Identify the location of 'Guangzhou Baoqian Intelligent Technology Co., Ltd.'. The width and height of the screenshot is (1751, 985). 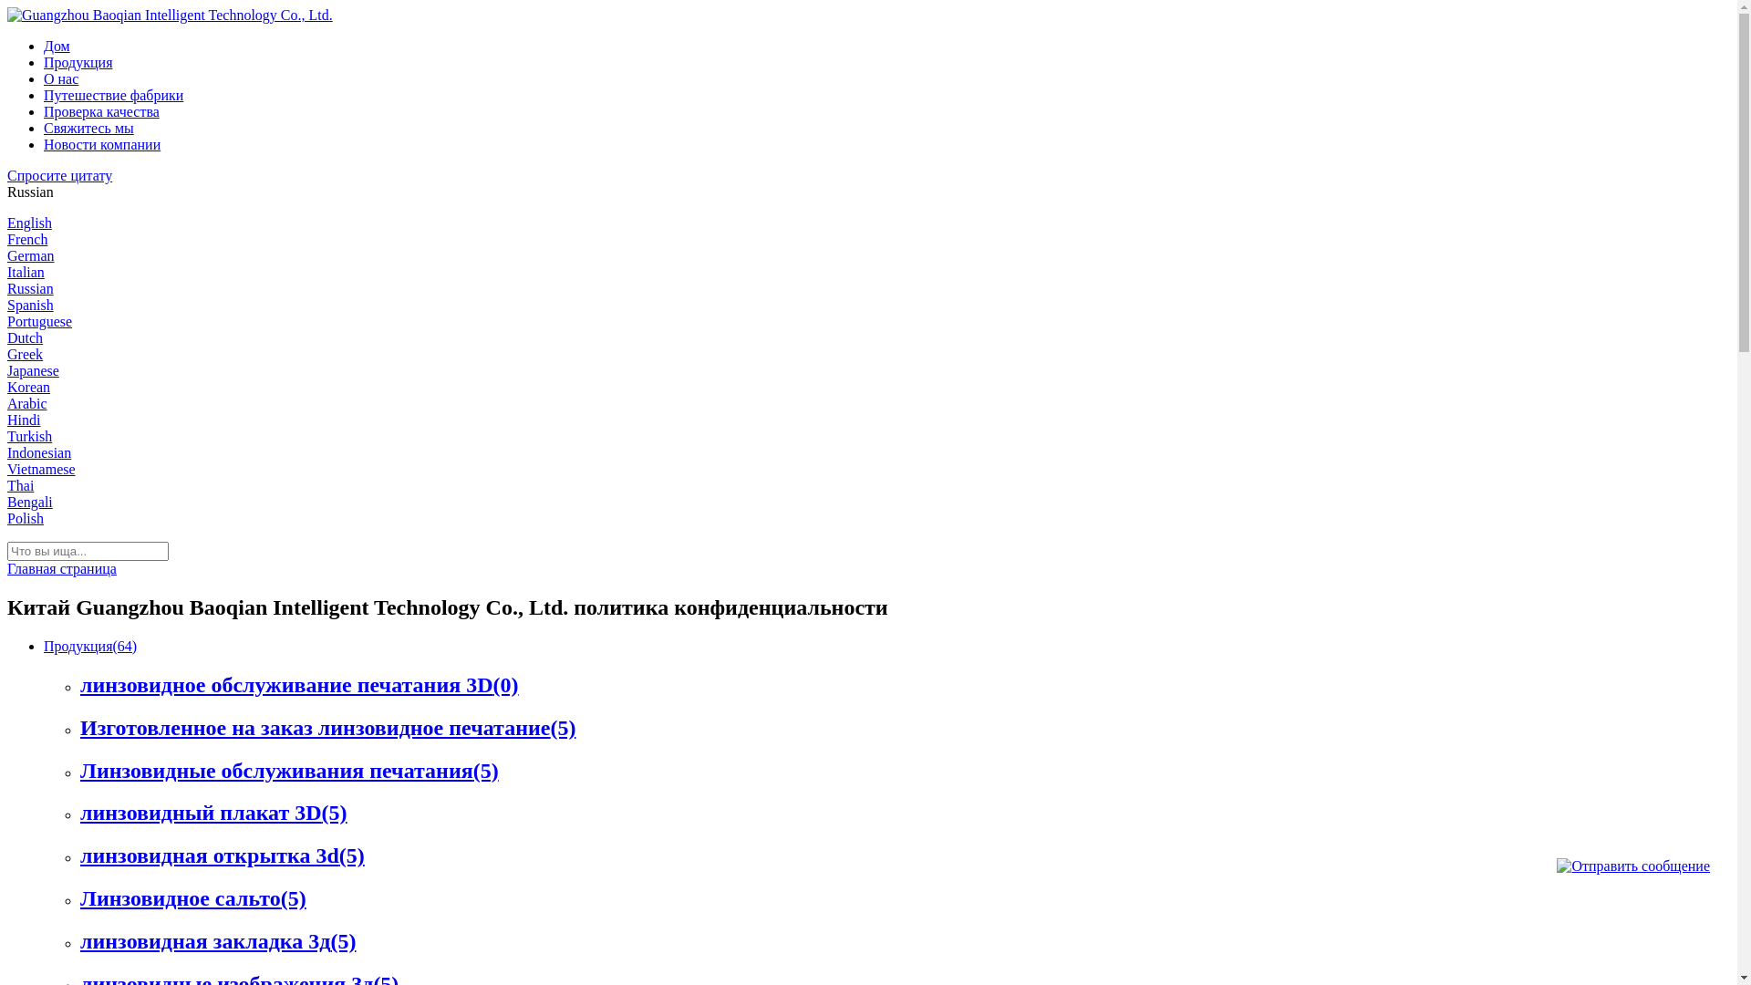
(170, 15).